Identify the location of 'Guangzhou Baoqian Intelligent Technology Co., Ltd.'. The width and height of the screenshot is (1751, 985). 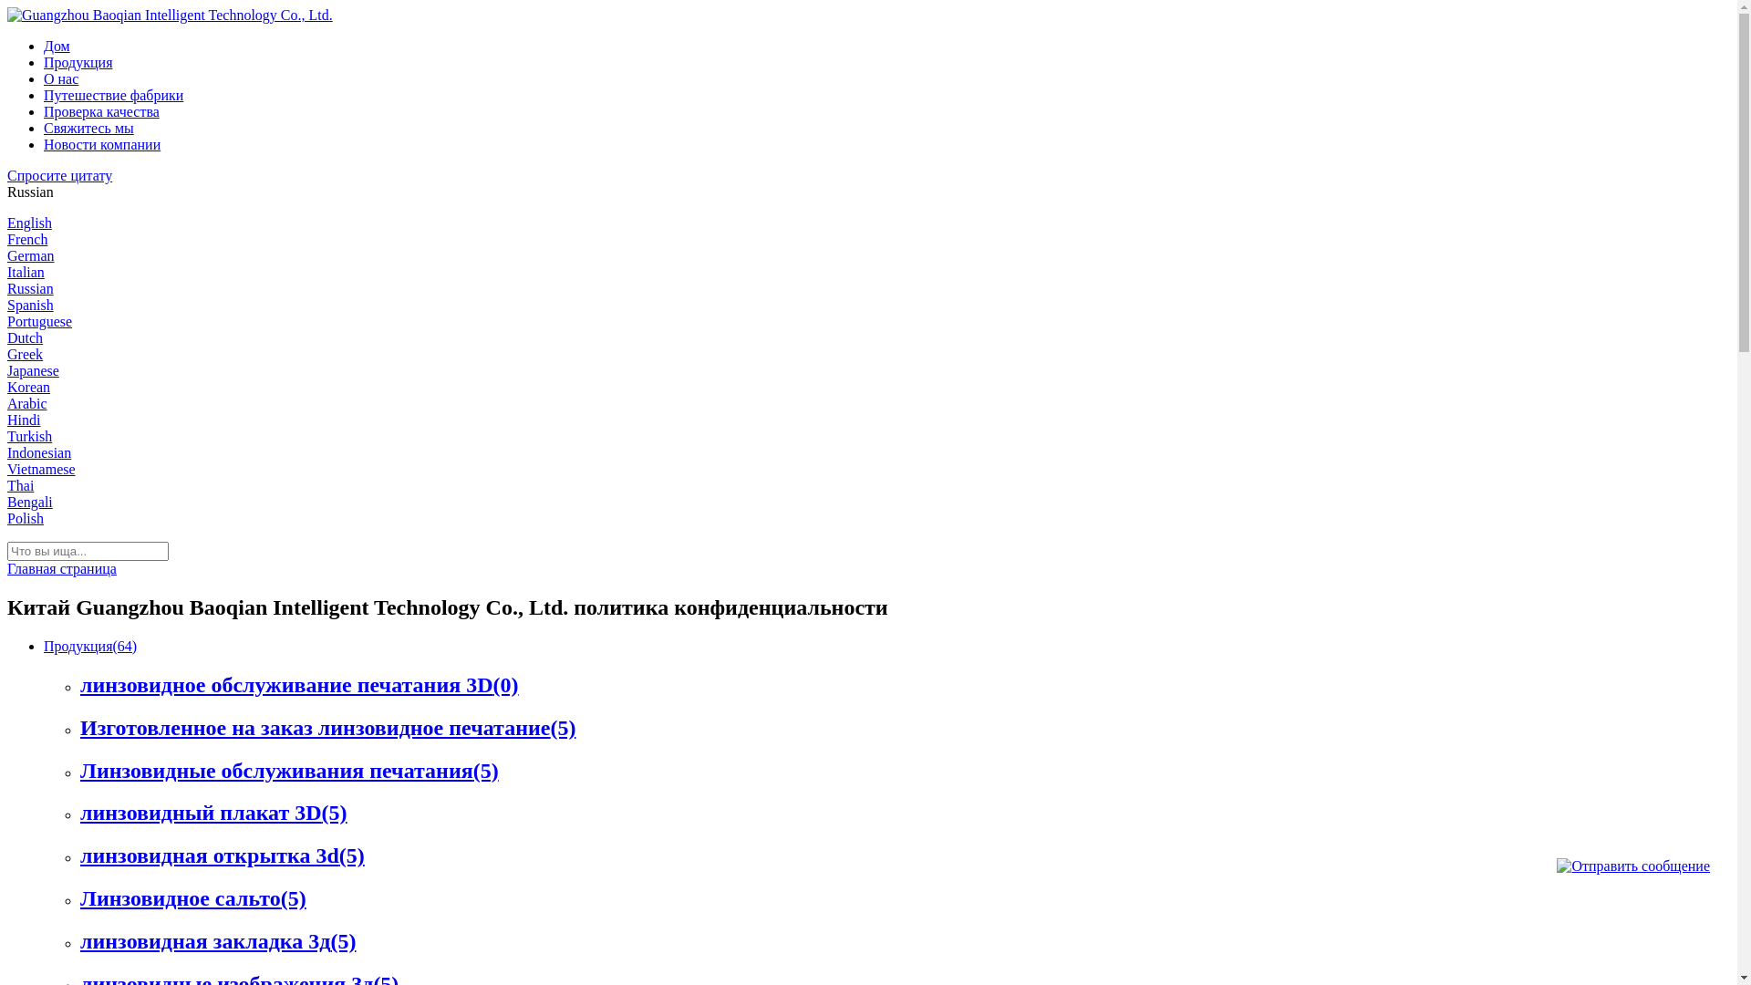
(170, 15).